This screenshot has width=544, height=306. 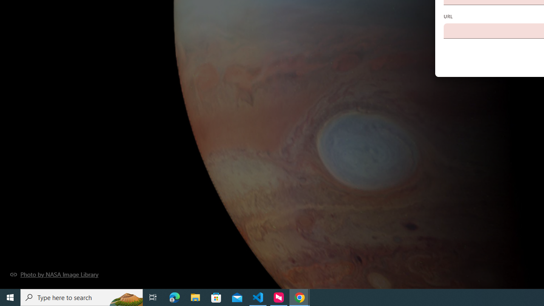 I want to click on 'Visual Studio Code - 1 running window', so click(x=258, y=297).